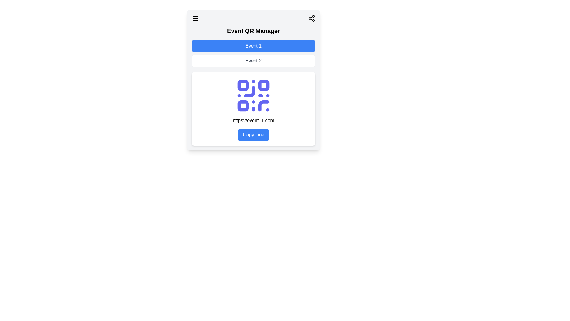  I want to click on the 'Event 1' button to change its background color, which is the first button in a vertically stacked group, so click(254, 45).